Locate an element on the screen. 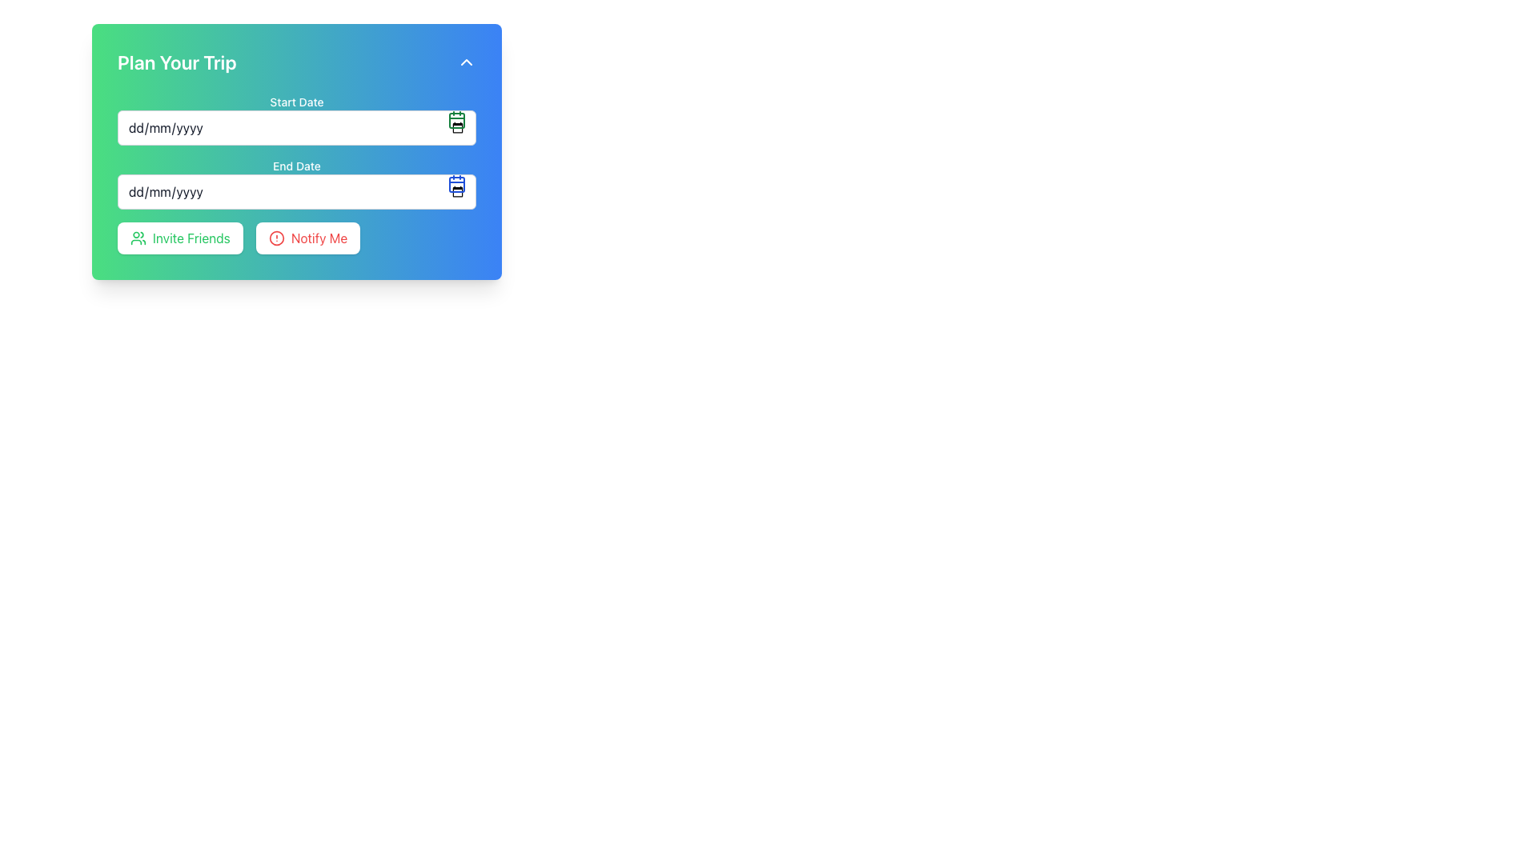 The height and width of the screenshot is (864, 1537). the decorative component of the calendar icon located to the right of the 'End Date' input field is located at coordinates (456, 184).